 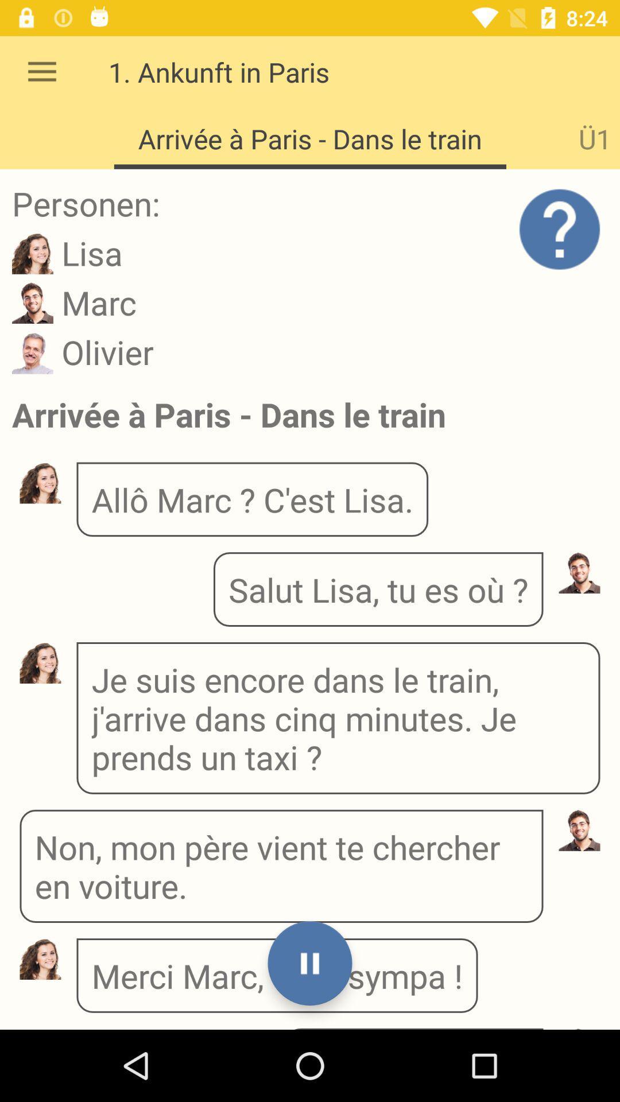 I want to click on the avatar icon, so click(x=40, y=663).